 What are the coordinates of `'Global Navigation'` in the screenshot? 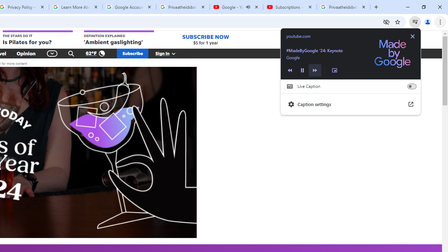 It's located at (52, 53).